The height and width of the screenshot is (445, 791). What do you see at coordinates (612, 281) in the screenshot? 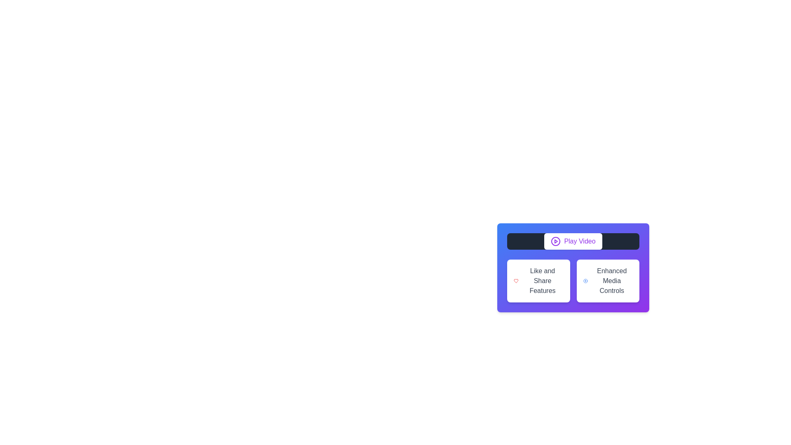
I see `the informational label displaying 'Enhanced Media Controls', which is styled with a gray color and located adjacent to a play button icon` at bounding box center [612, 281].